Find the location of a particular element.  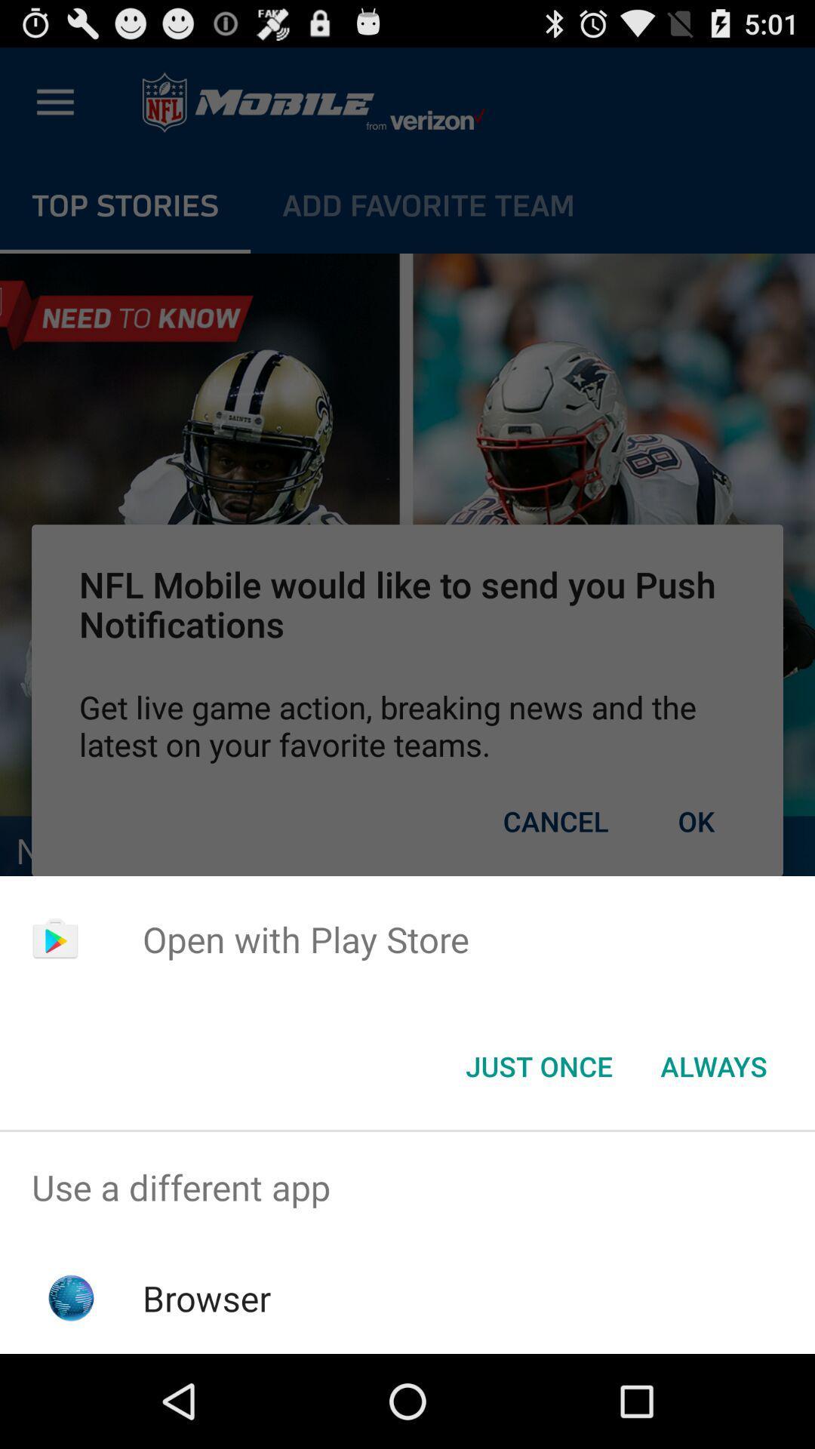

the icon to the right of the just once icon is located at coordinates (713, 1065).